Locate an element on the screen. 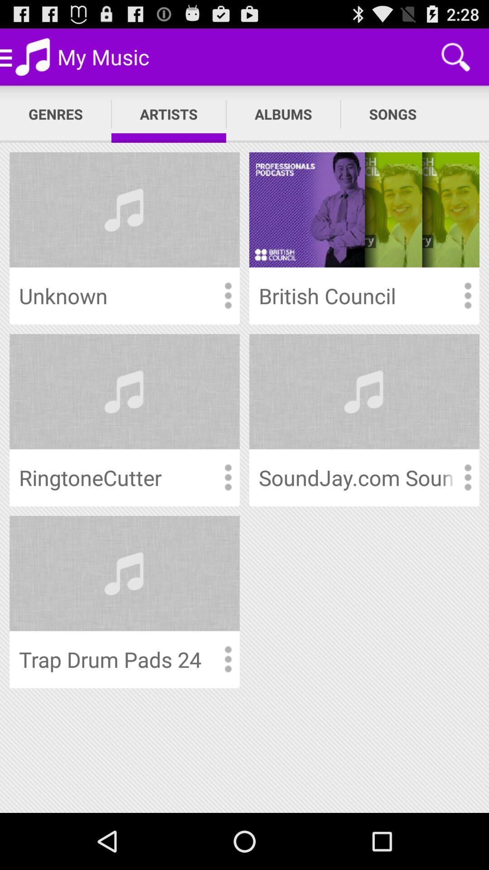  the genres item is located at coordinates (56, 114).